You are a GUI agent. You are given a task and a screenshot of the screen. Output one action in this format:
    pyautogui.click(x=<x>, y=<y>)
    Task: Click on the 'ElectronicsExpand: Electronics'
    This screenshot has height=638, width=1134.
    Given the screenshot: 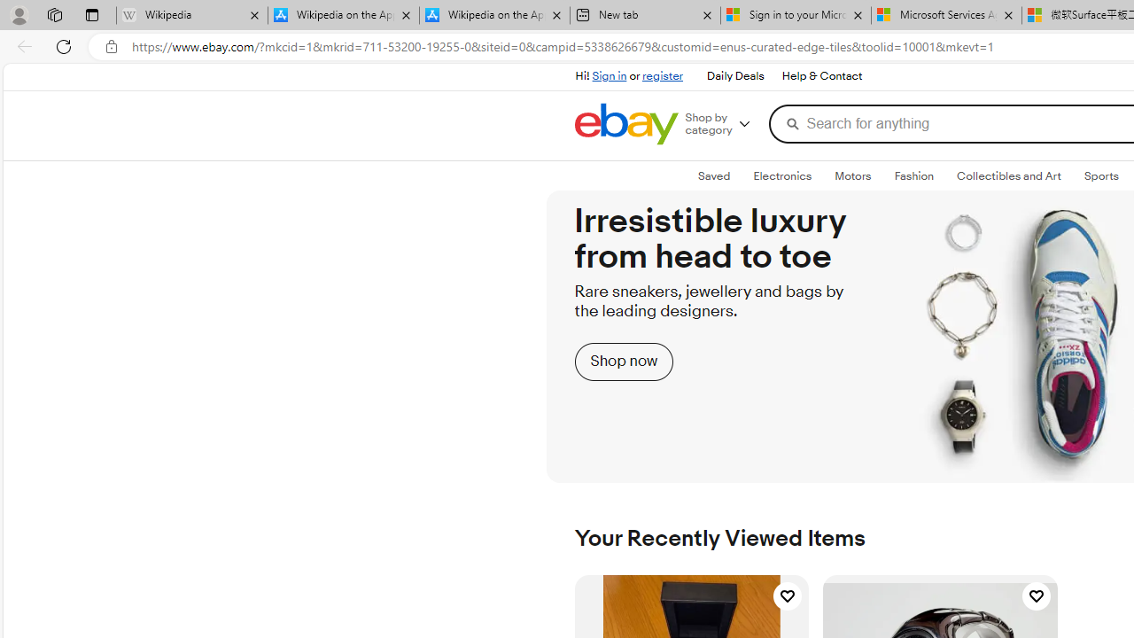 What is the action you would take?
    pyautogui.click(x=781, y=176)
    